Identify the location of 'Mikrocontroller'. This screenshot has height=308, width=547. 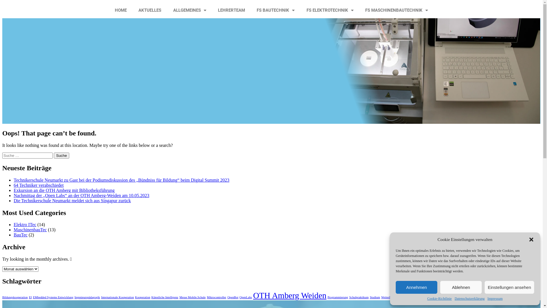
(216, 297).